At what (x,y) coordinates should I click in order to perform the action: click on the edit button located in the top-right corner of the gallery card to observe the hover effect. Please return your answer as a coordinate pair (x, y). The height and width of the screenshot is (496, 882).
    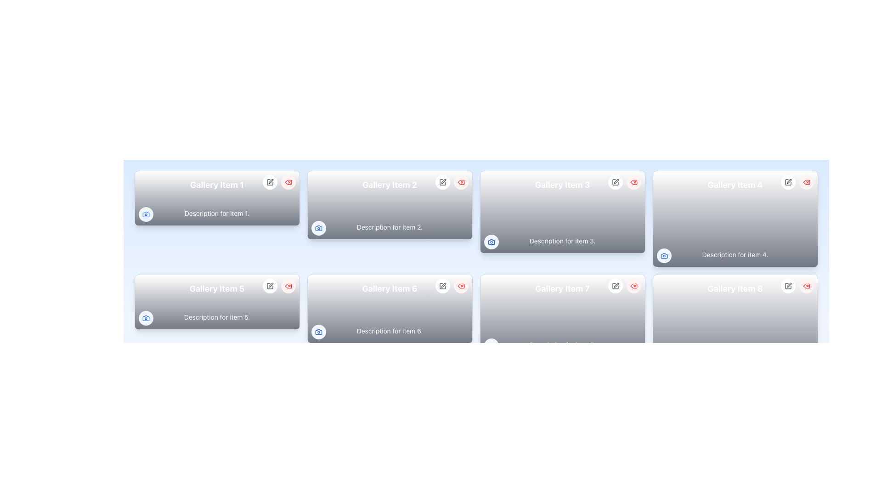
    Looking at the image, I should click on (442, 389).